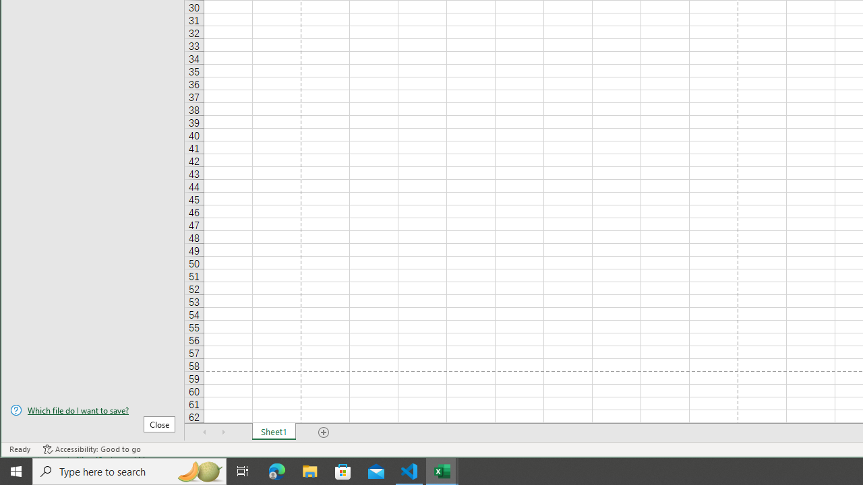 The width and height of the screenshot is (863, 485). Describe the element at coordinates (92, 410) in the screenshot. I see `'Which file do I want to save?'` at that location.